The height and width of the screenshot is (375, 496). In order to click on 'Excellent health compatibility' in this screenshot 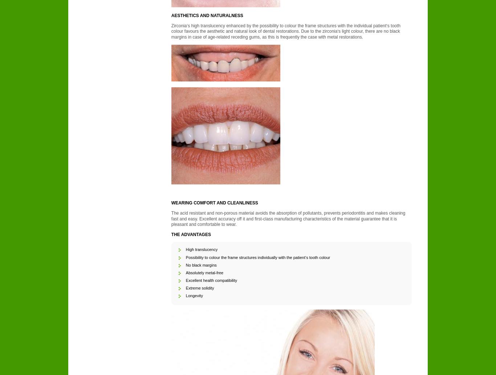, I will do `click(211, 280)`.